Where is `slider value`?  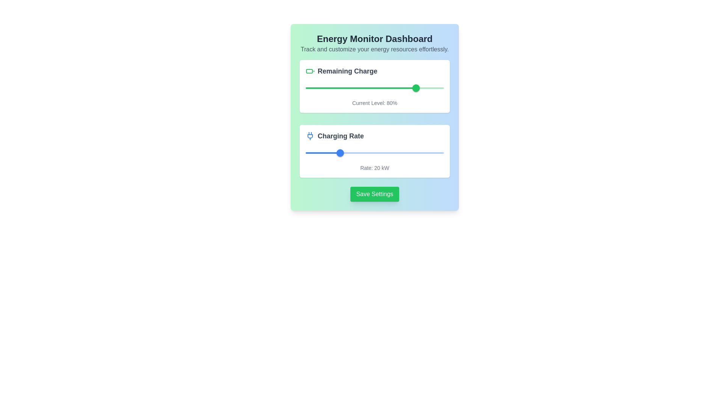 slider value is located at coordinates (433, 88).